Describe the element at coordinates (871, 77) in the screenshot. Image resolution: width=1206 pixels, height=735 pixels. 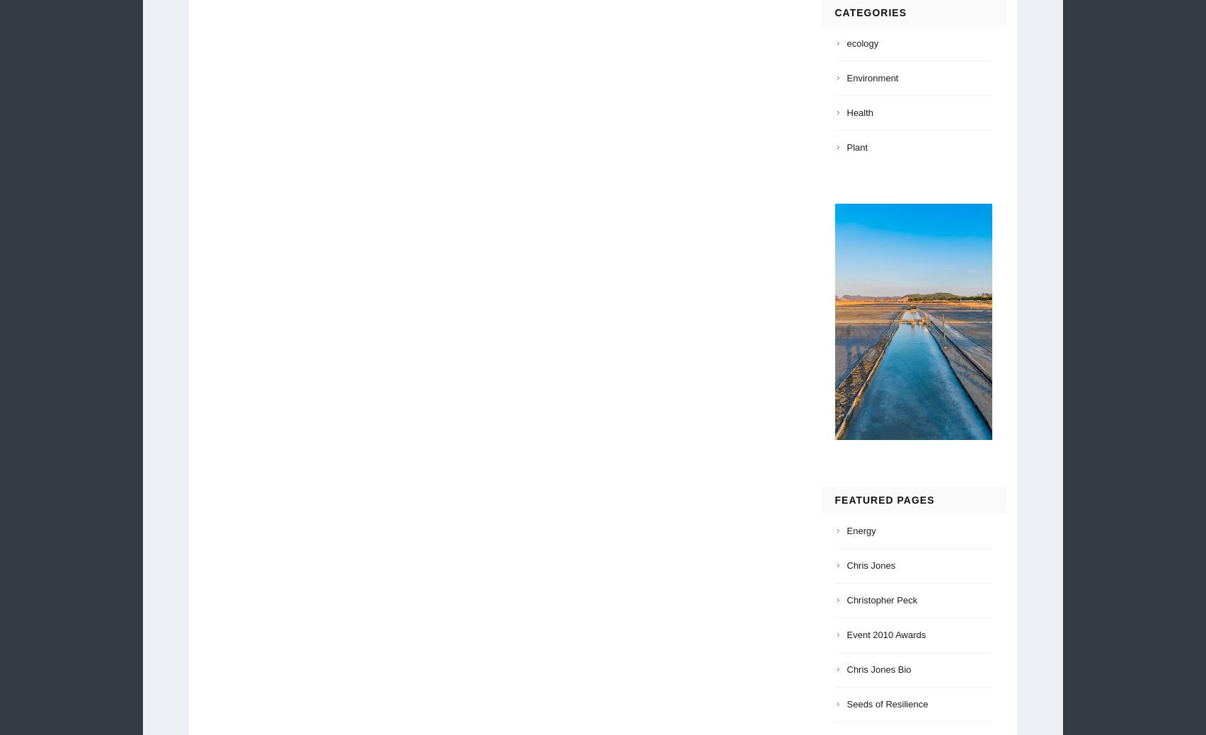
I see `'Environment'` at that location.